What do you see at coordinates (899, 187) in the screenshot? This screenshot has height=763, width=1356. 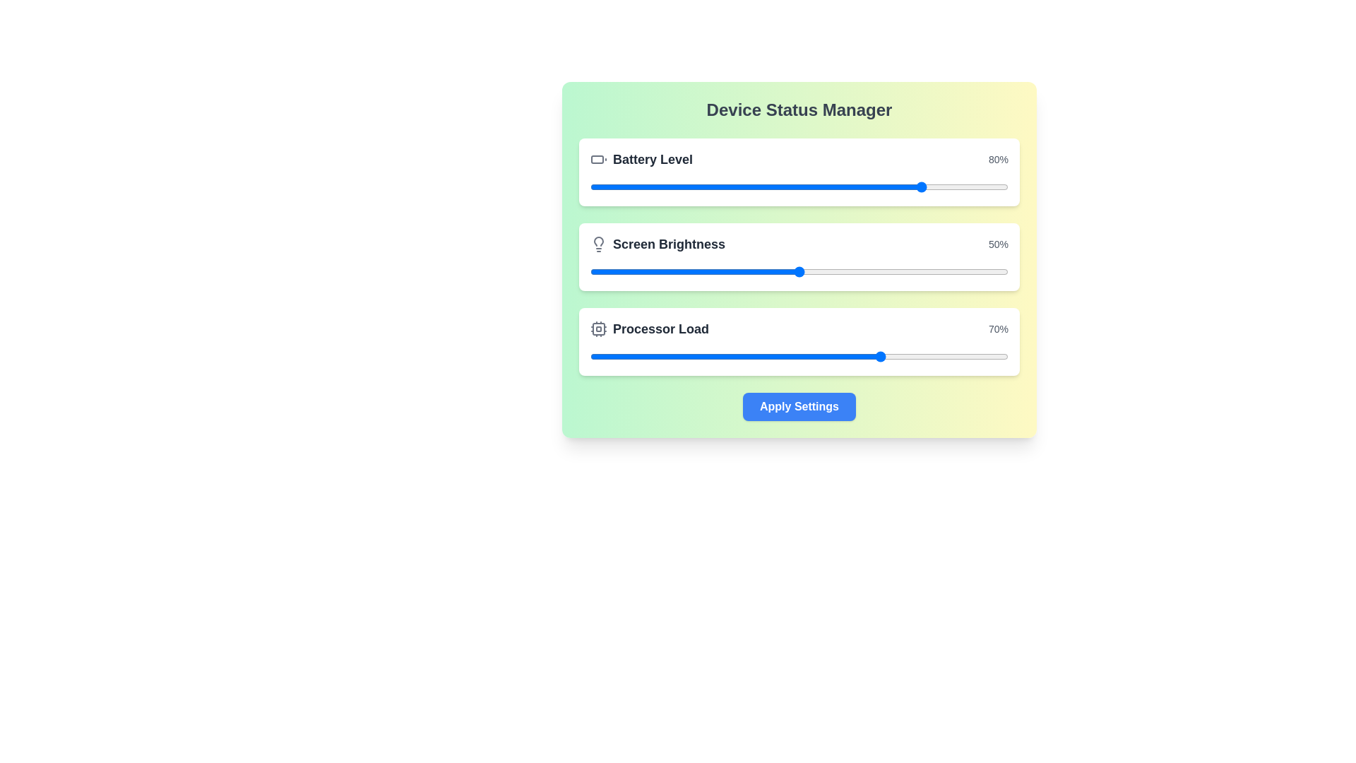 I see `the battery level` at bounding box center [899, 187].